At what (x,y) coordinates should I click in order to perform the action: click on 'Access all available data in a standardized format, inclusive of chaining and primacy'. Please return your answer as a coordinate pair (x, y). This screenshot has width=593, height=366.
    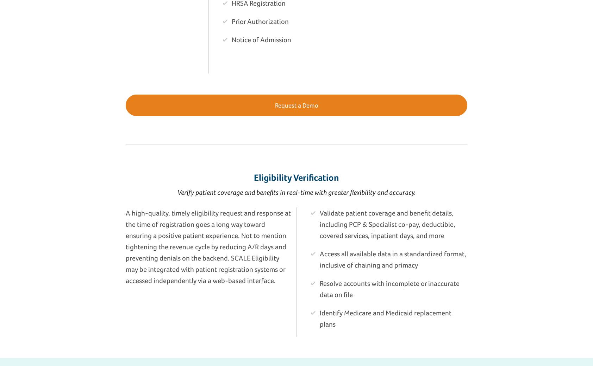
    Looking at the image, I should click on (319, 259).